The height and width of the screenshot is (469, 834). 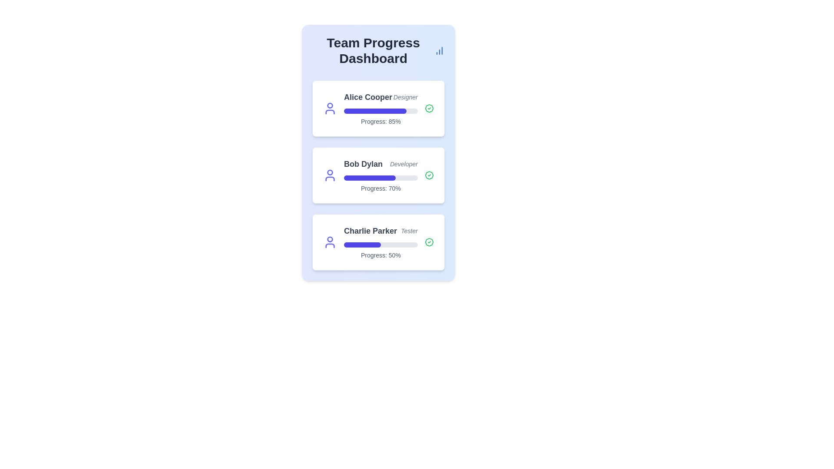 What do you see at coordinates (378, 242) in the screenshot?
I see `the user-specific data card for Charlie Parker, which is the third card in a vertical list within the dashboard` at bounding box center [378, 242].